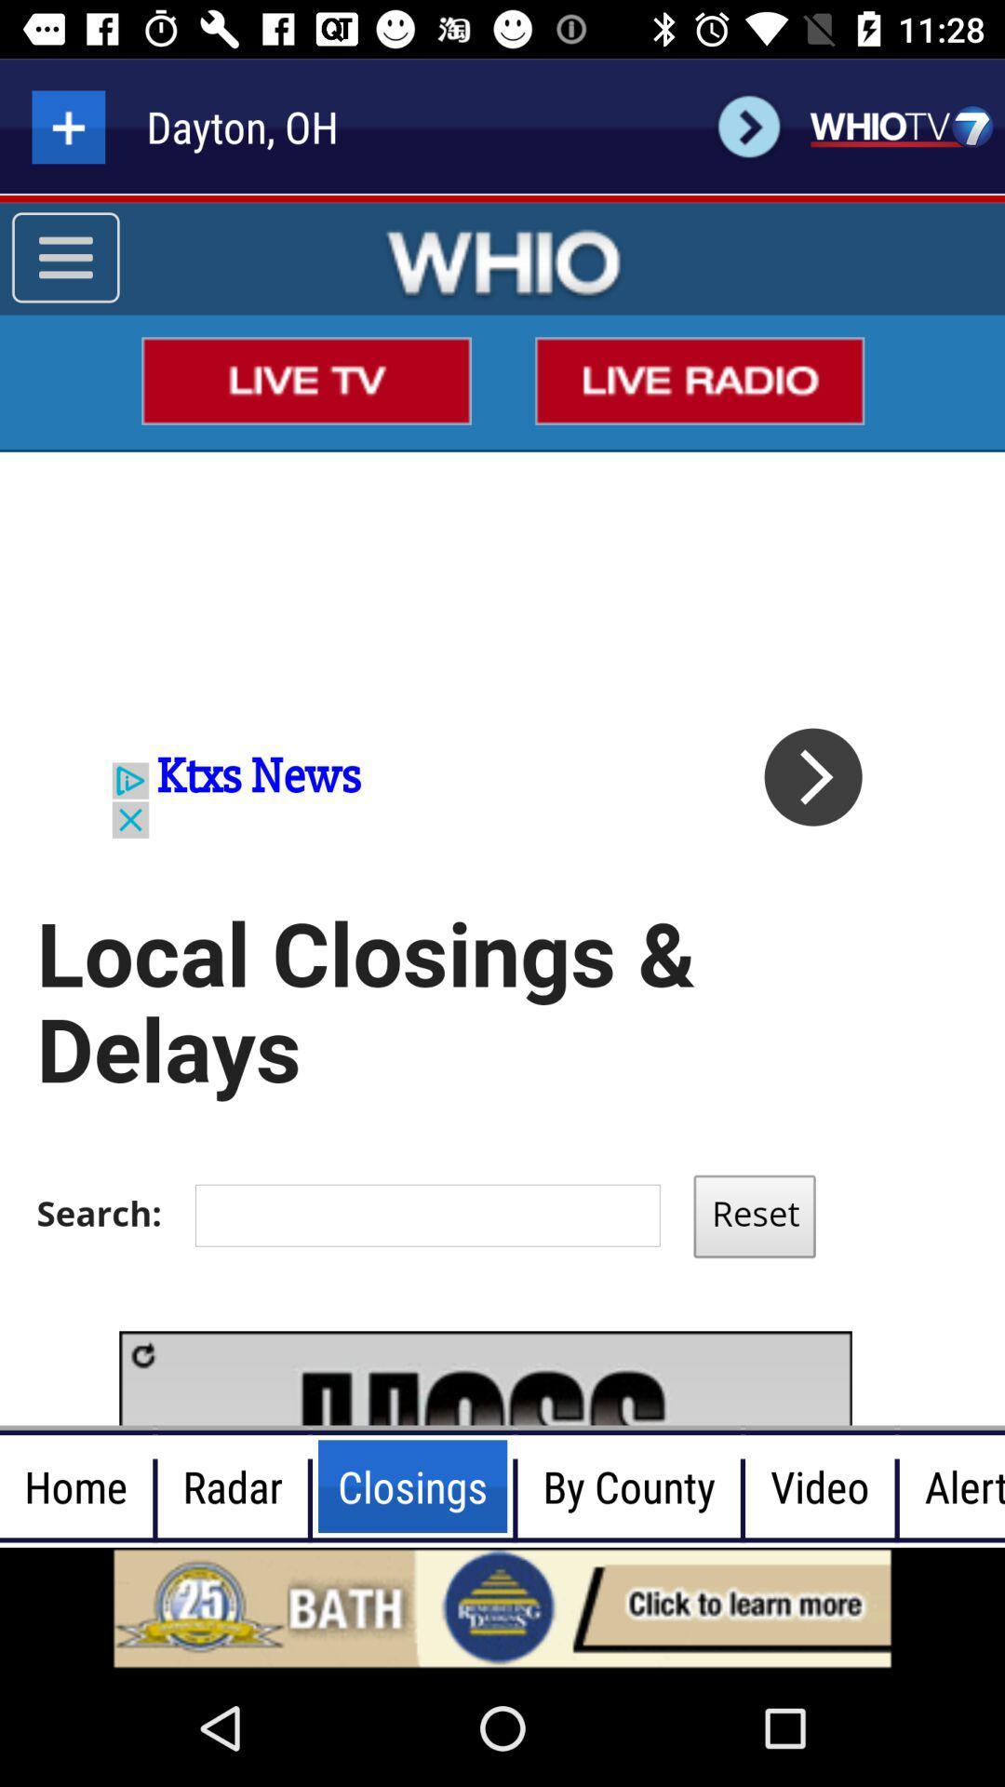  Describe the element at coordinates (748, 126) in the screenshot. I see `go back` at that location.